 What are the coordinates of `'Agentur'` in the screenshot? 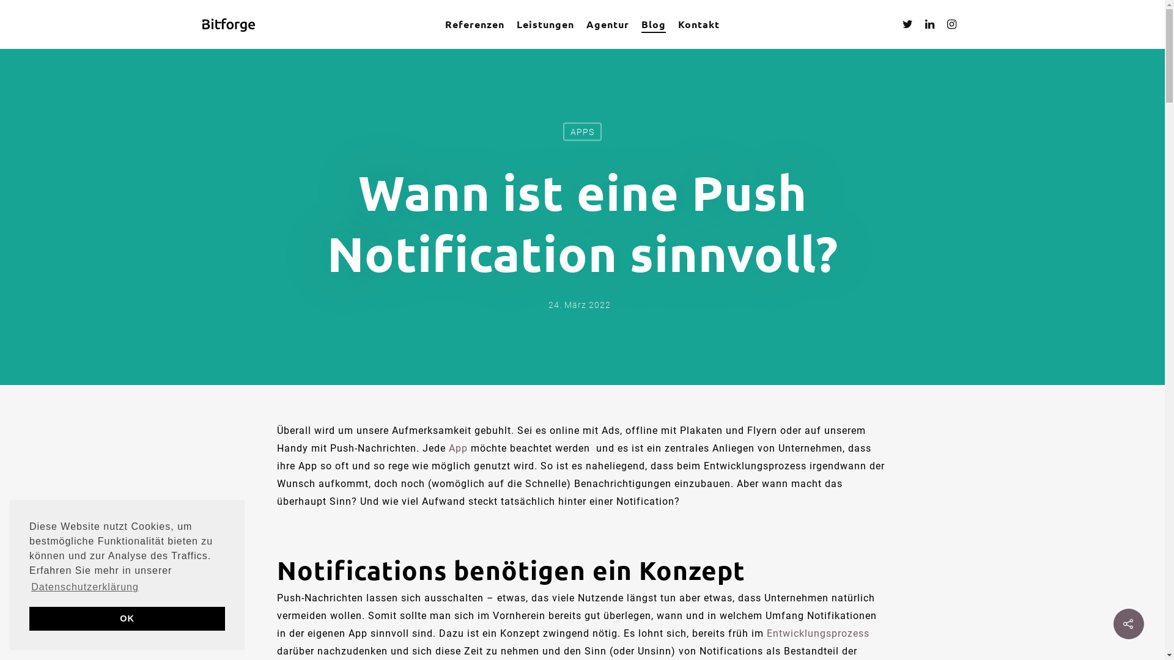 It's located at (586, 24).